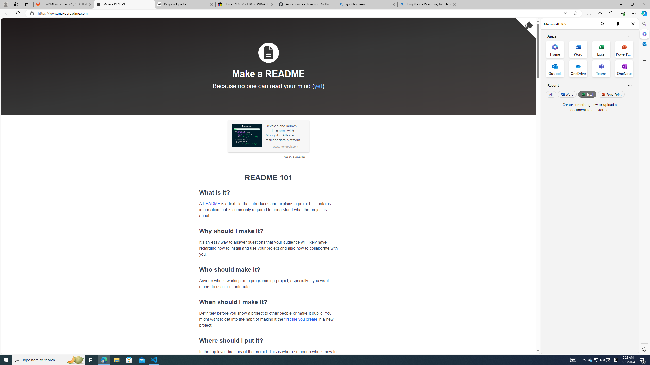  What do you see at coordinates (555, 69) in the screenshot?
I see `'Outlook Office App'` at bounding box center [555, 69].